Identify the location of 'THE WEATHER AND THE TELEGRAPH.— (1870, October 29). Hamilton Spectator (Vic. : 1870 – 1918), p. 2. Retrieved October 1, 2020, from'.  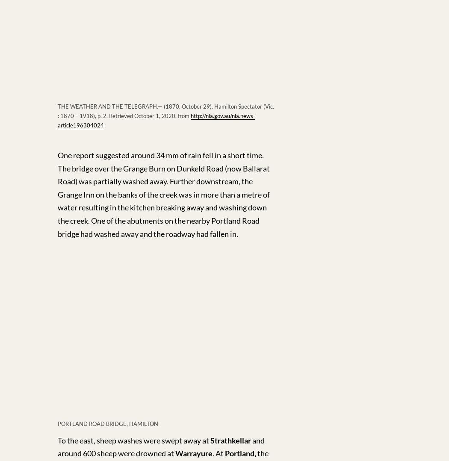
(165, 111).